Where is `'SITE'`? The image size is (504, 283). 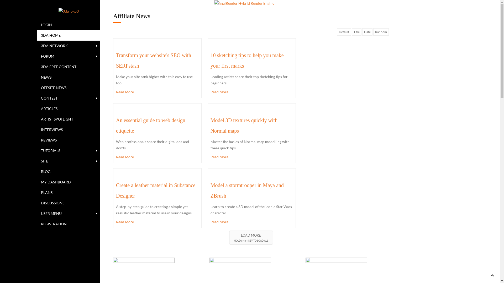
'SITE' is located at coordinates (36, 161).